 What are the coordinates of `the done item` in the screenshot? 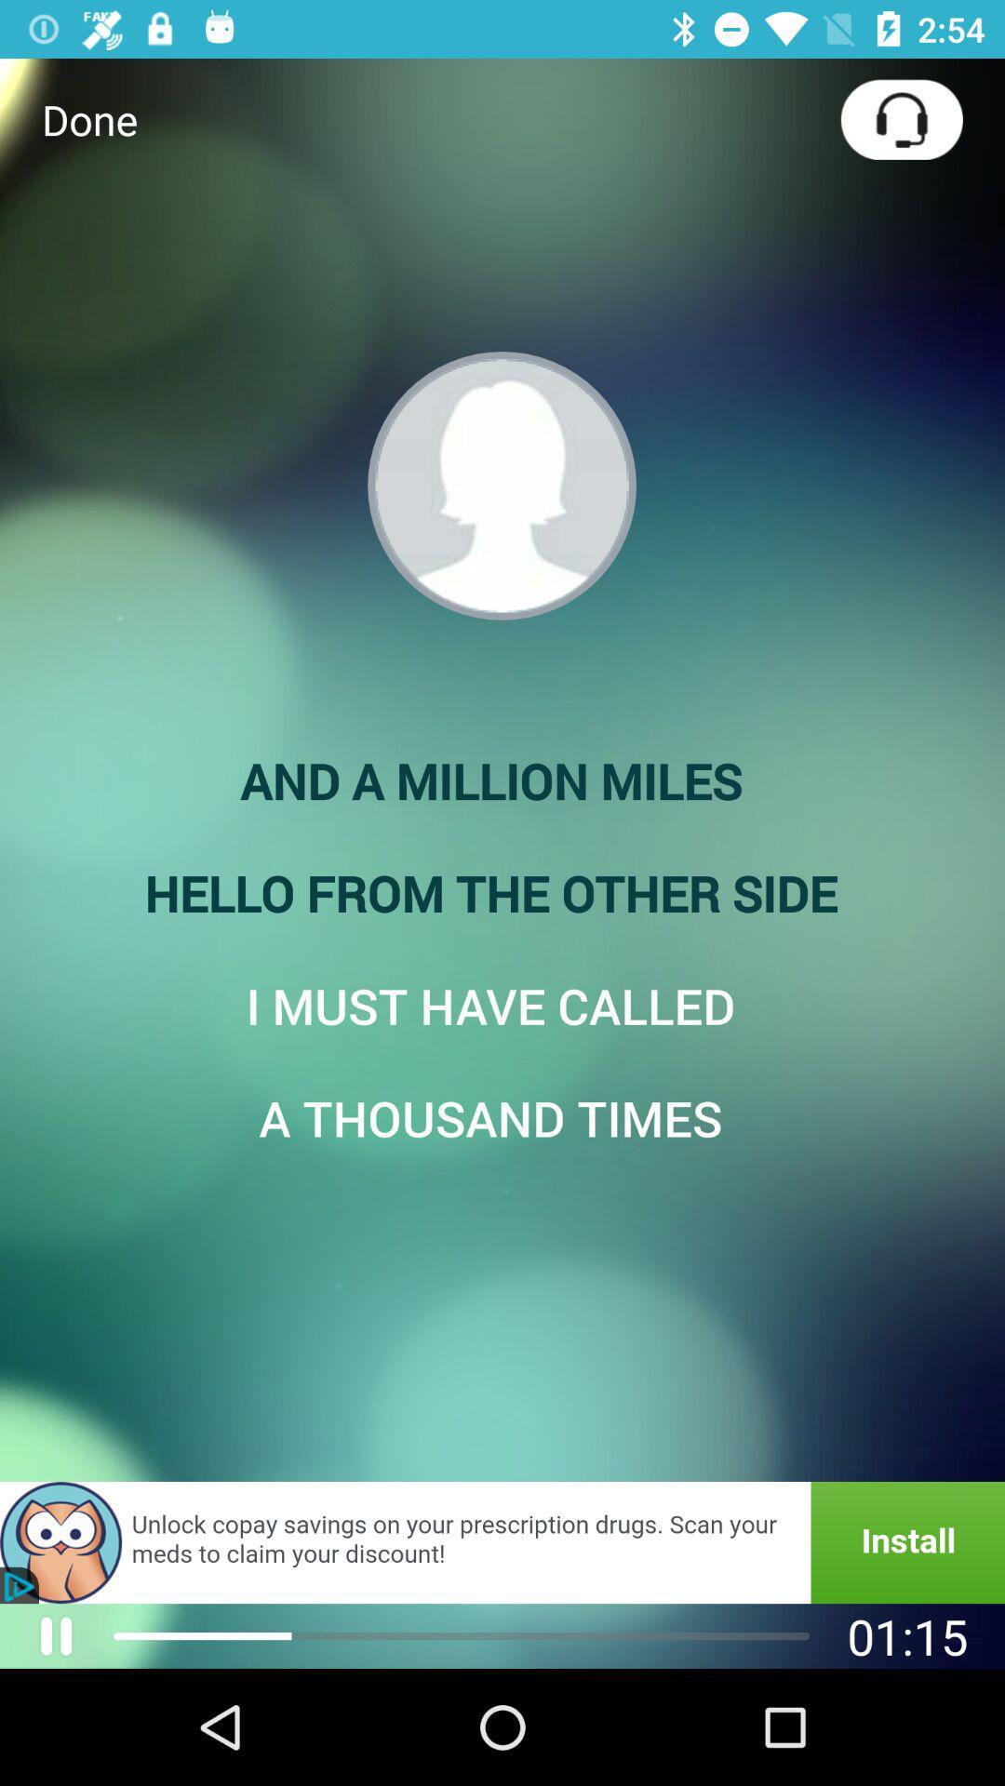 It's located at (89, 118).